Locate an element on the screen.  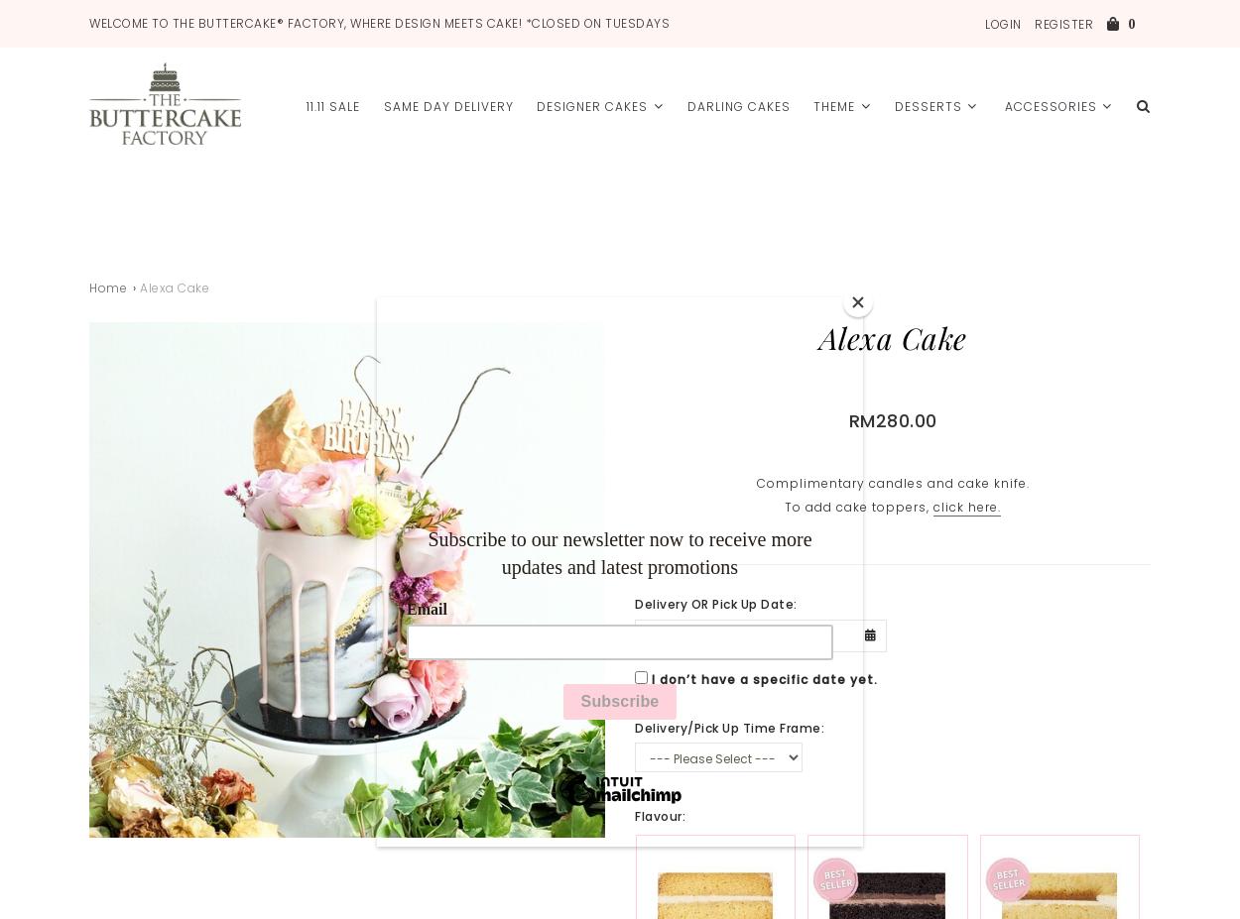
'Accessories' is located at coordinates (1004, 105).